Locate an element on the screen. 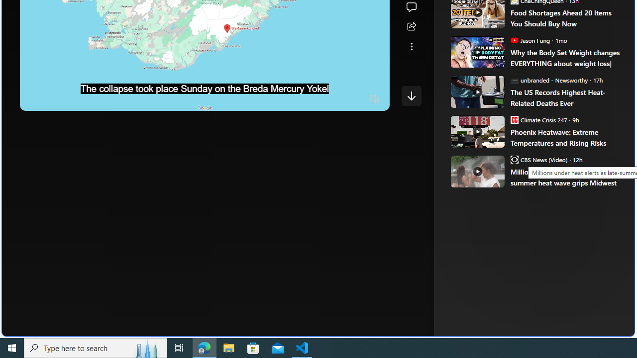  'CBS News (Video)' is located at coordinates (514, 159).